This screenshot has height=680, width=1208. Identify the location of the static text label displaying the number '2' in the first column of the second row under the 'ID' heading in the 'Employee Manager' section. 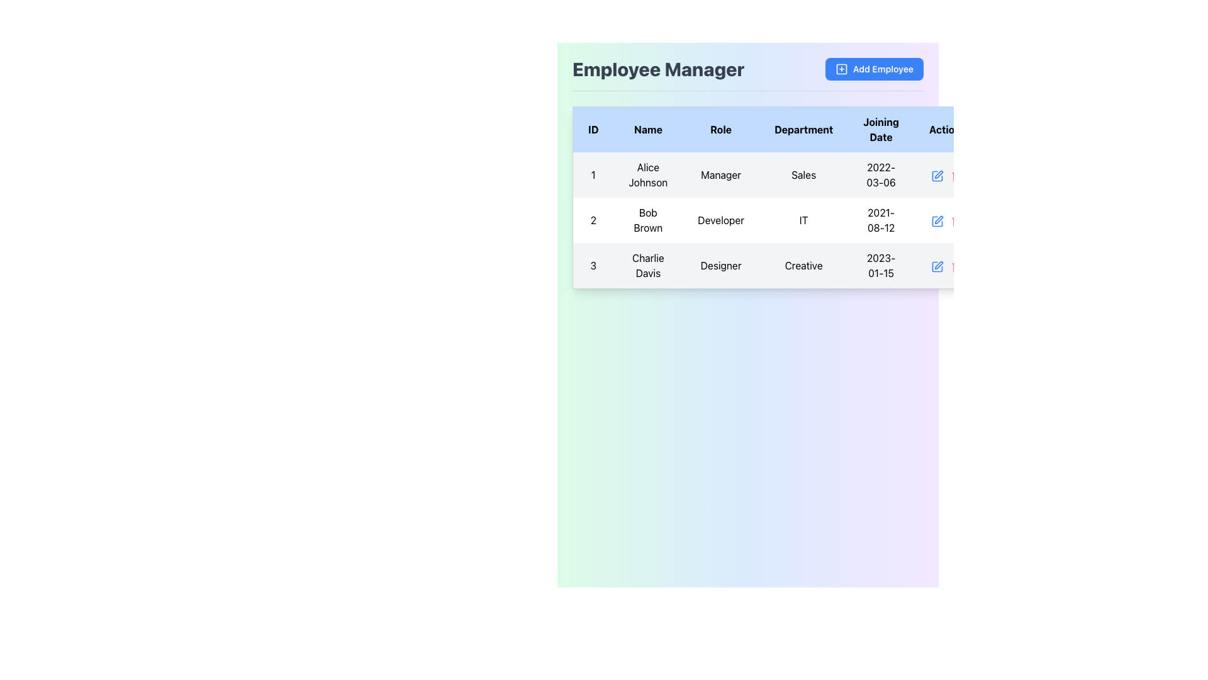
(592, 220).